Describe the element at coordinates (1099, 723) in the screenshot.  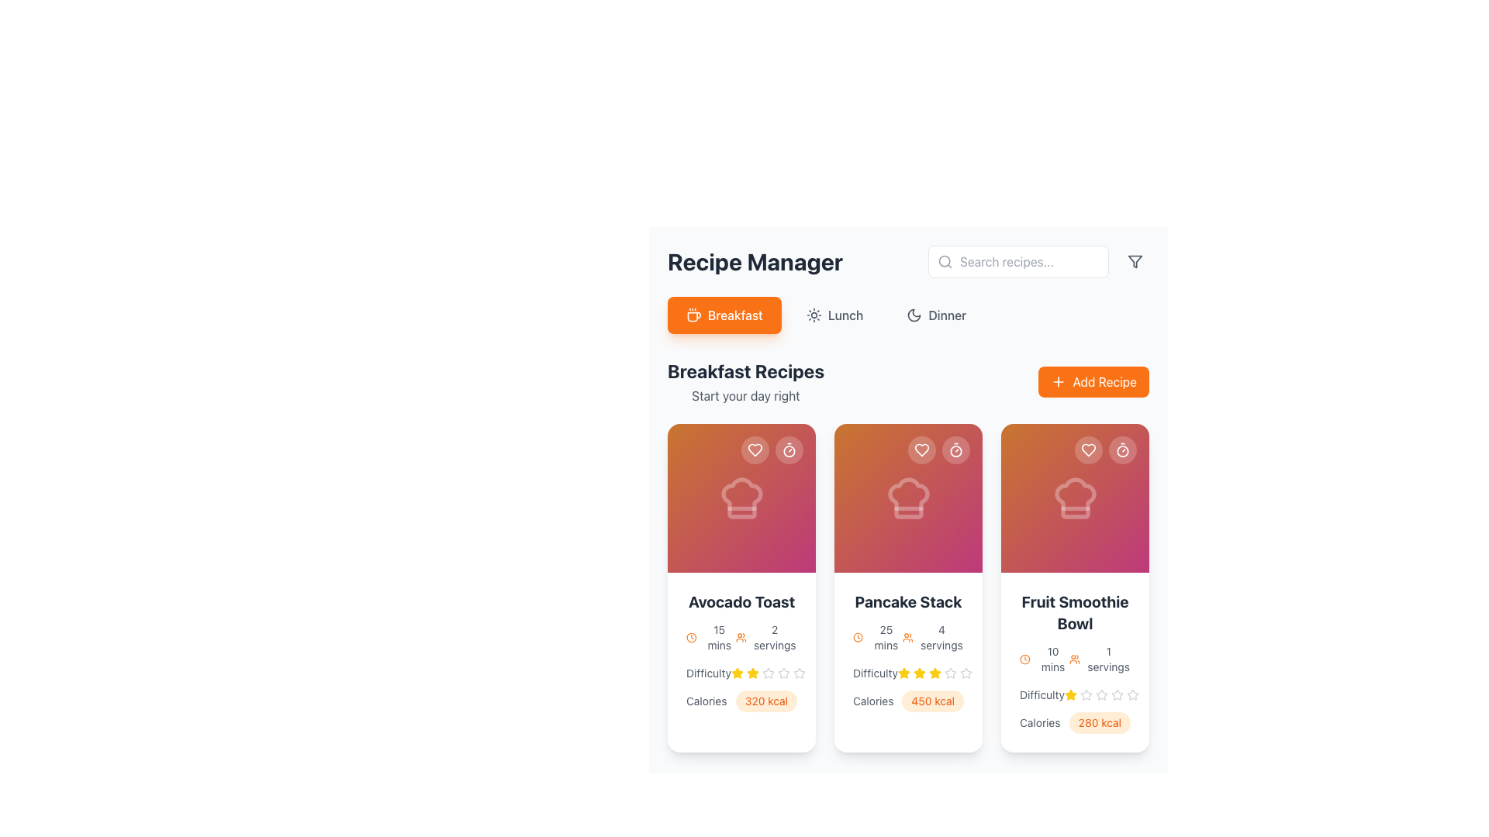
I see `the label displaying the caloric content of the 'Fruit Smoothie Bowl' recipe located in the 'Calories' section of the recipe card` at that location.